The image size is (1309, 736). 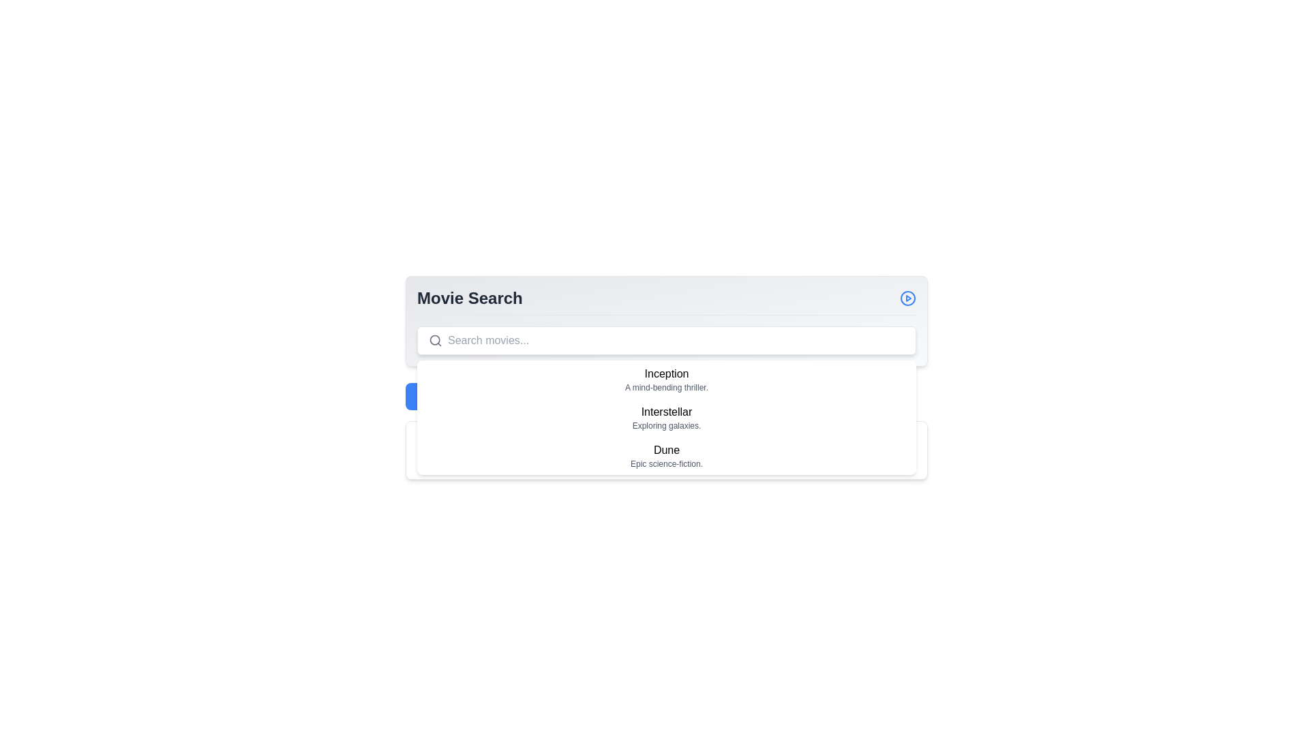 I want to click on the second item in the dropdown list representing a movie entry, so click(x=667, y=417).